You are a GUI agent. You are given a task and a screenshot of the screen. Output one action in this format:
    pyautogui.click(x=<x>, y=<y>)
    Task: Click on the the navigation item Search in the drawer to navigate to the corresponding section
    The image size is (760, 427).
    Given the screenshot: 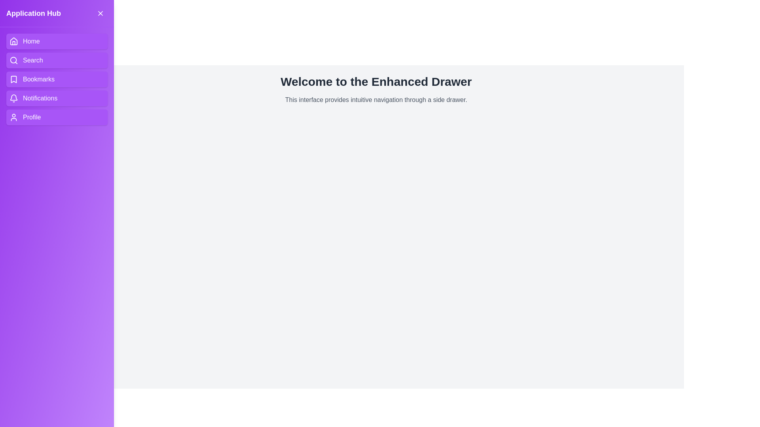 What is the action you would take?
    pyautogui.click(x=57, y=60)
    